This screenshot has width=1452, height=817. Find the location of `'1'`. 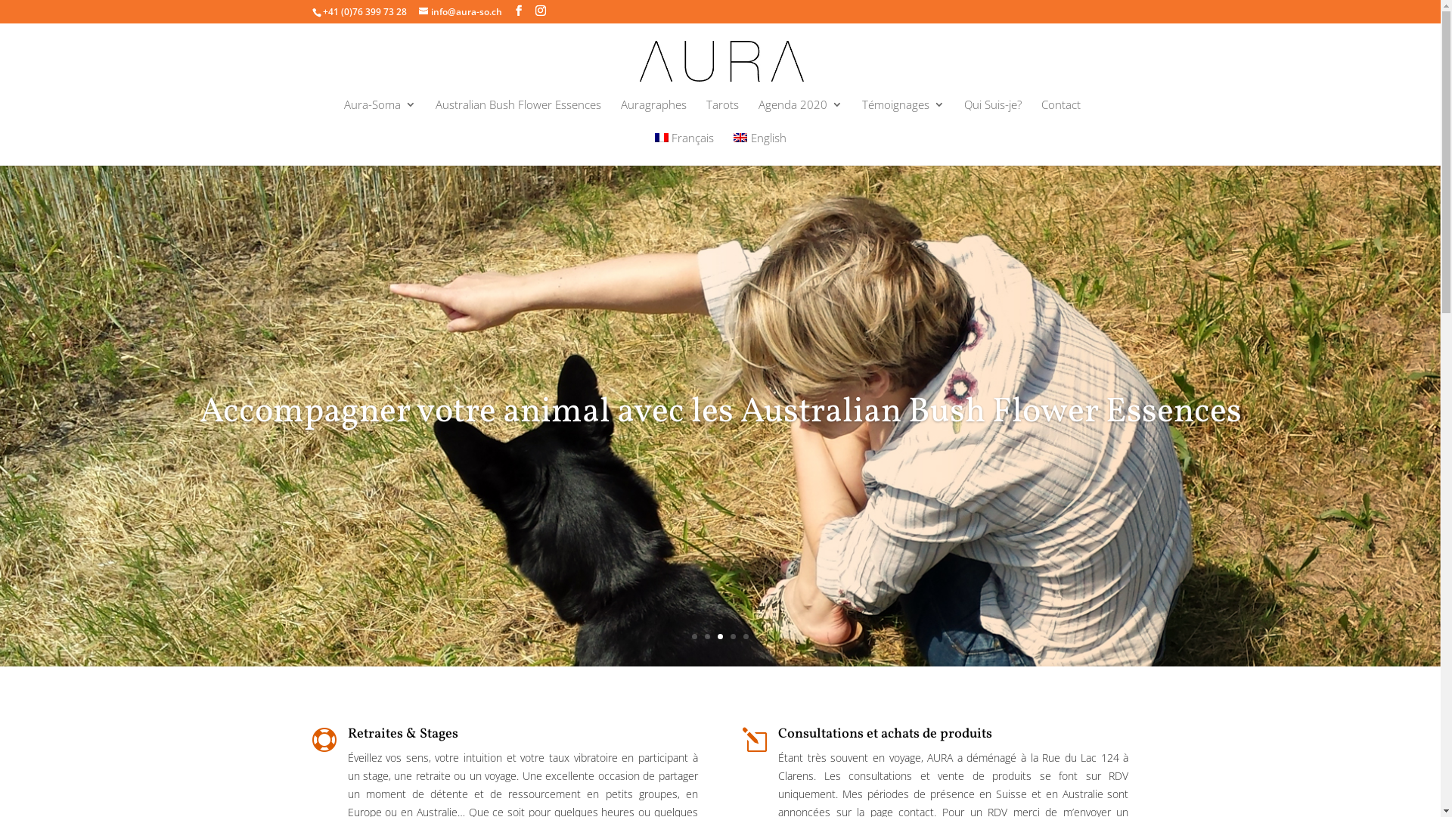

'1' is located at coordinates (691, 636).